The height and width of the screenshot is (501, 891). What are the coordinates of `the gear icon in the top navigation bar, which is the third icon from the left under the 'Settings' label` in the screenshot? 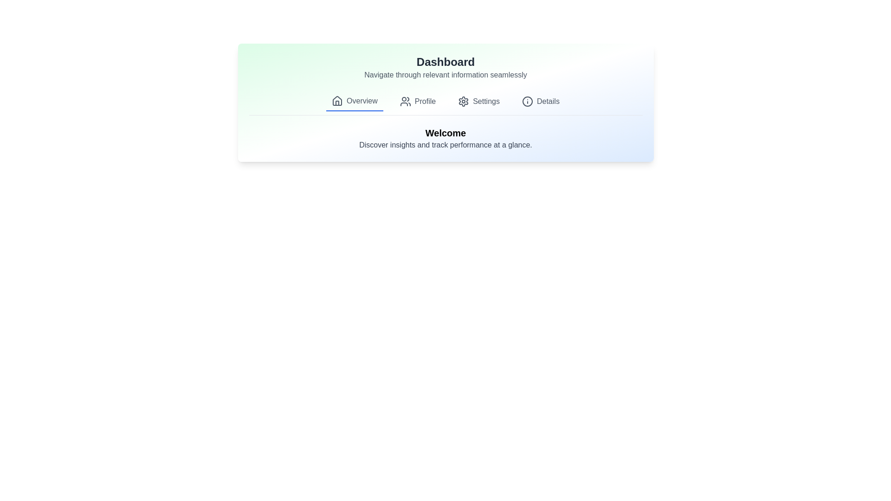 It's located at (464, 102).